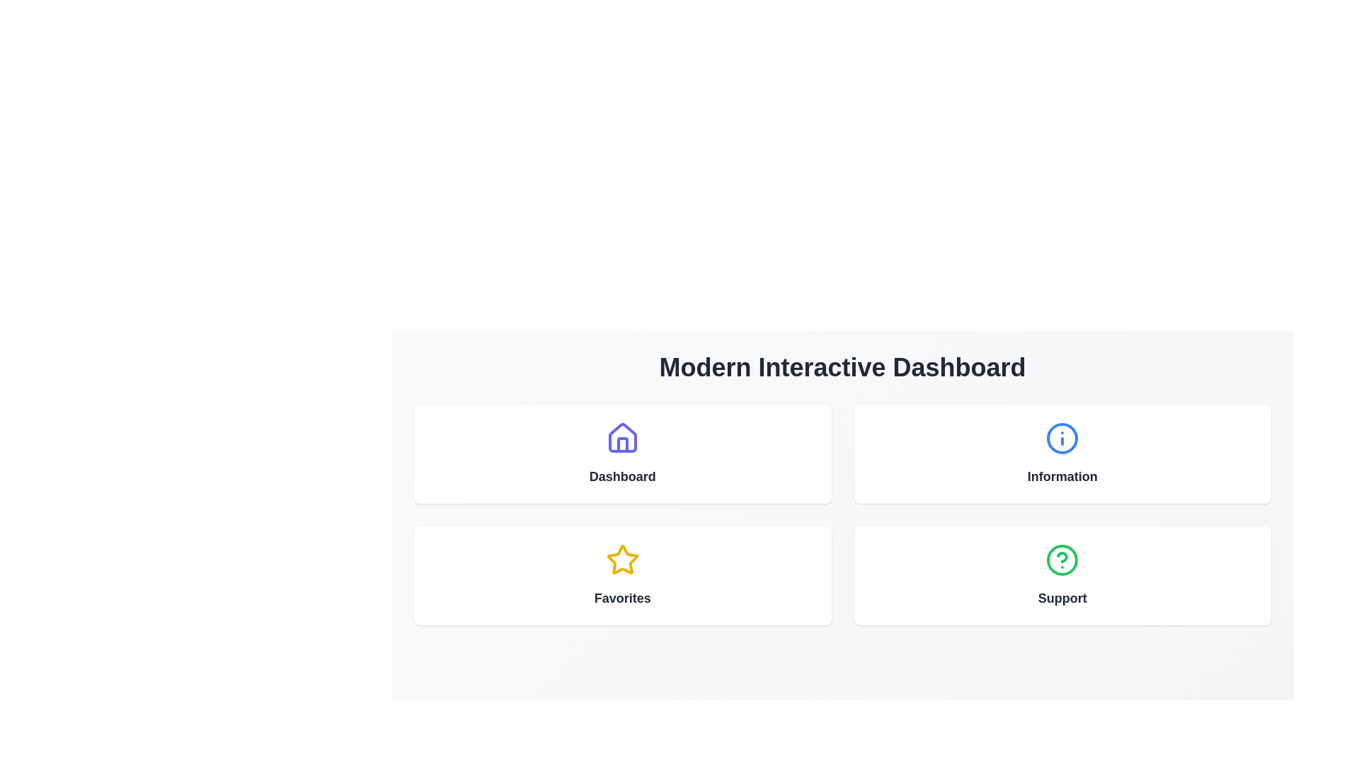 Image resolution: width=1359 pixels, height=764 pixels. I want to click on the fourth Interactive Card in the bottom-right quadrant of the grid, so click(1062, 575).